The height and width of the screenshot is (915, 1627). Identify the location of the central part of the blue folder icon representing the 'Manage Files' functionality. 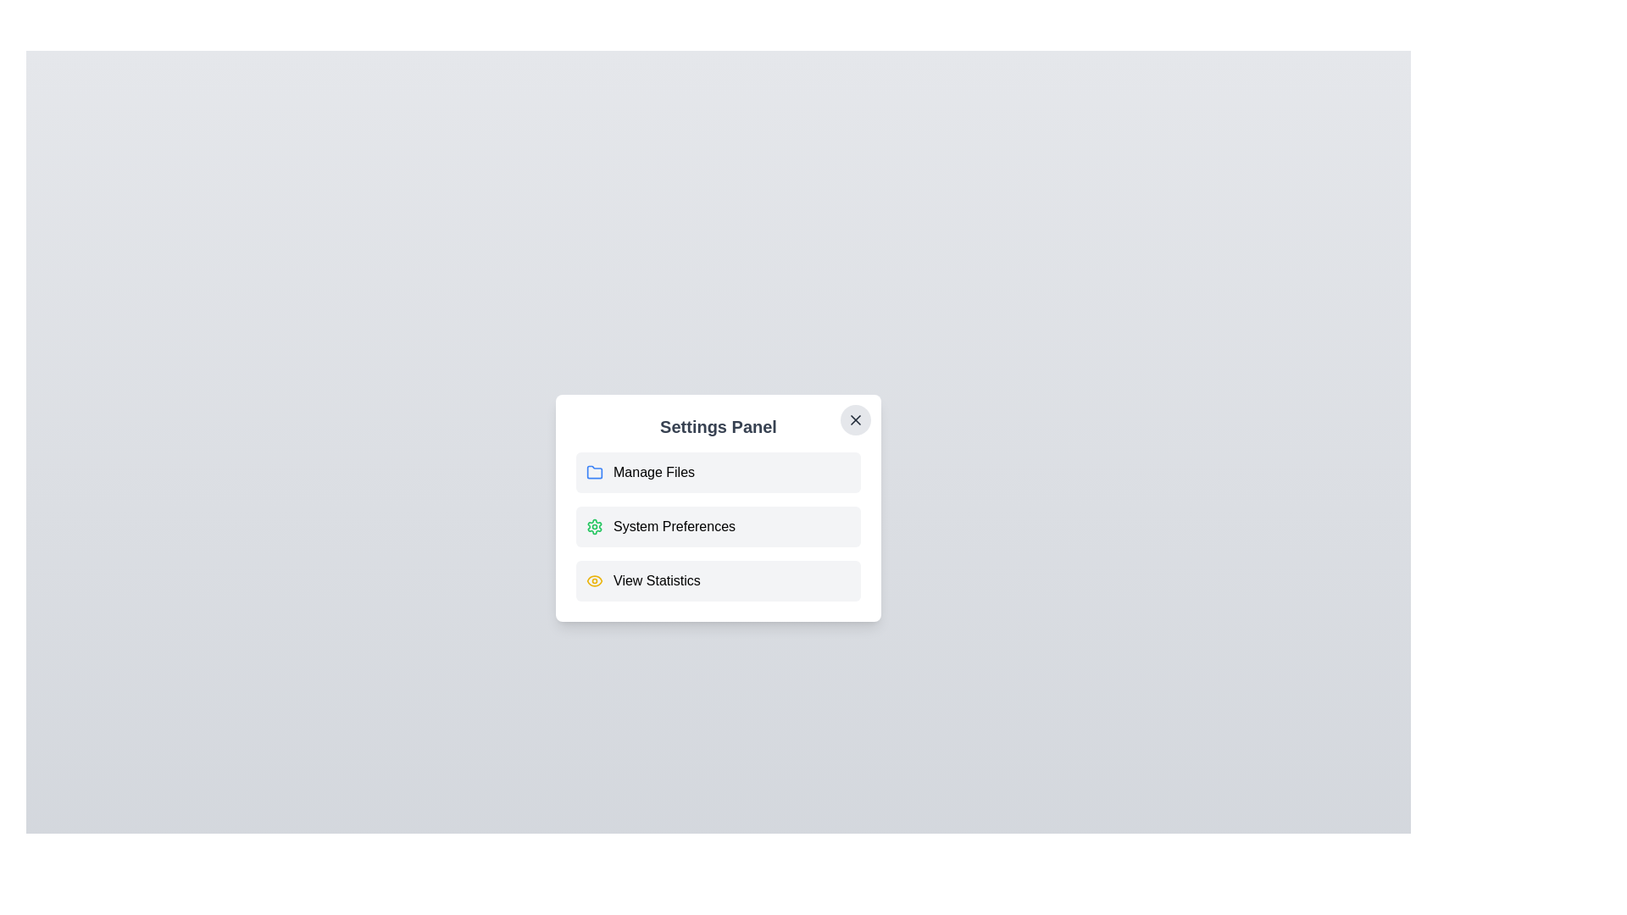
(594, 471).